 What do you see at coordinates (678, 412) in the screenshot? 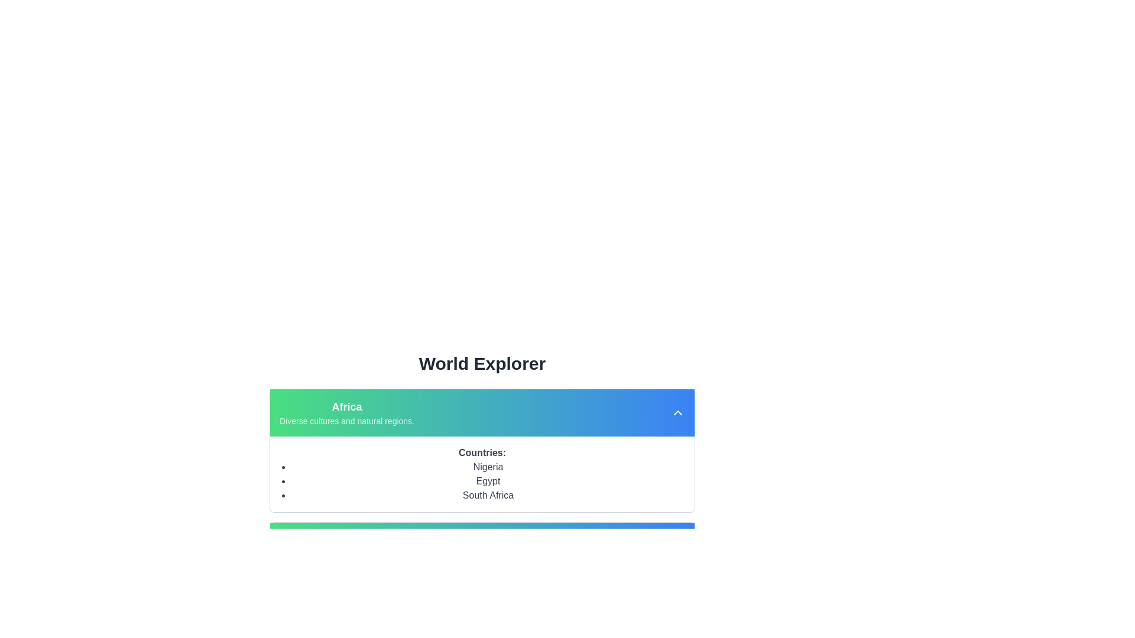
I see `the Icon (Chevron-Up) Button located at the far right end of the horizontal bar next to the text 'Africa' to toggle visibility of additional content` at bounding box center [678, 412].